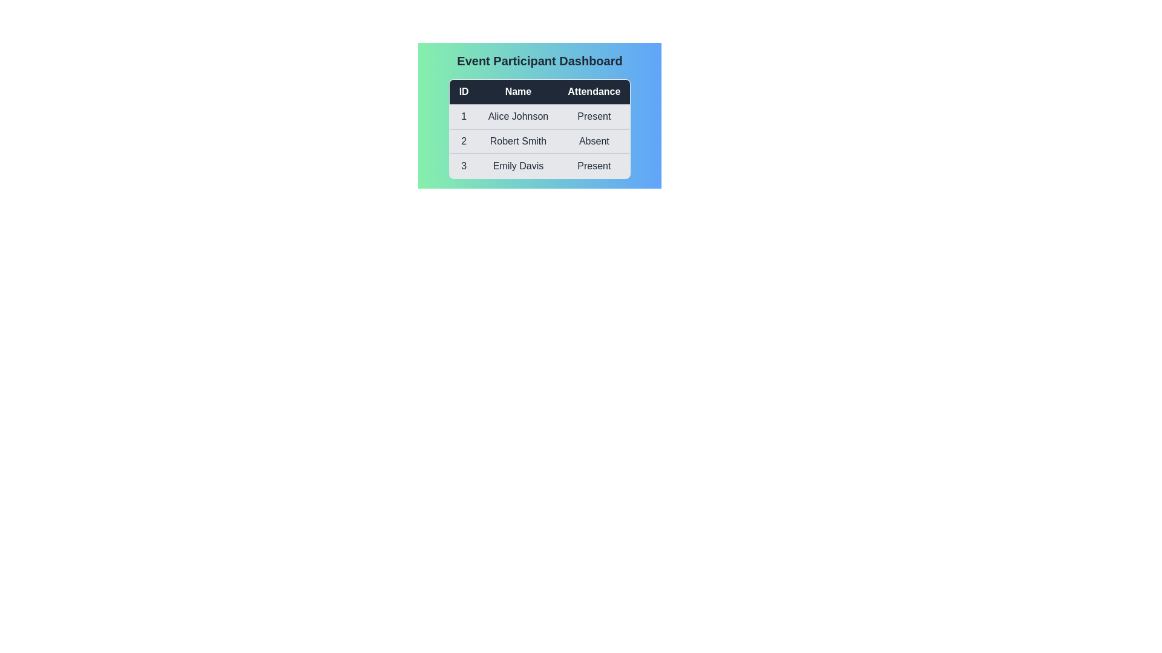  What do you see at coordinates (539, 141) in the screenshot?
I see `details of the second row in the attendee management table, which displays the serial number, name, and attendance status of the participant located between 'Alice Johnson' and 'Emily Davis'` at bounding box center [539, 141].